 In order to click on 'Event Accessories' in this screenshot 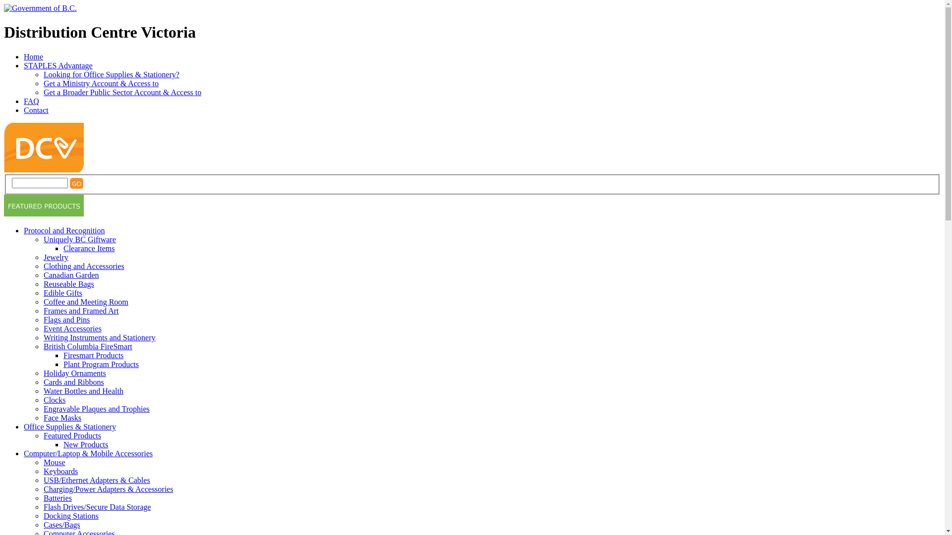, I will do `click(72, 328)`.